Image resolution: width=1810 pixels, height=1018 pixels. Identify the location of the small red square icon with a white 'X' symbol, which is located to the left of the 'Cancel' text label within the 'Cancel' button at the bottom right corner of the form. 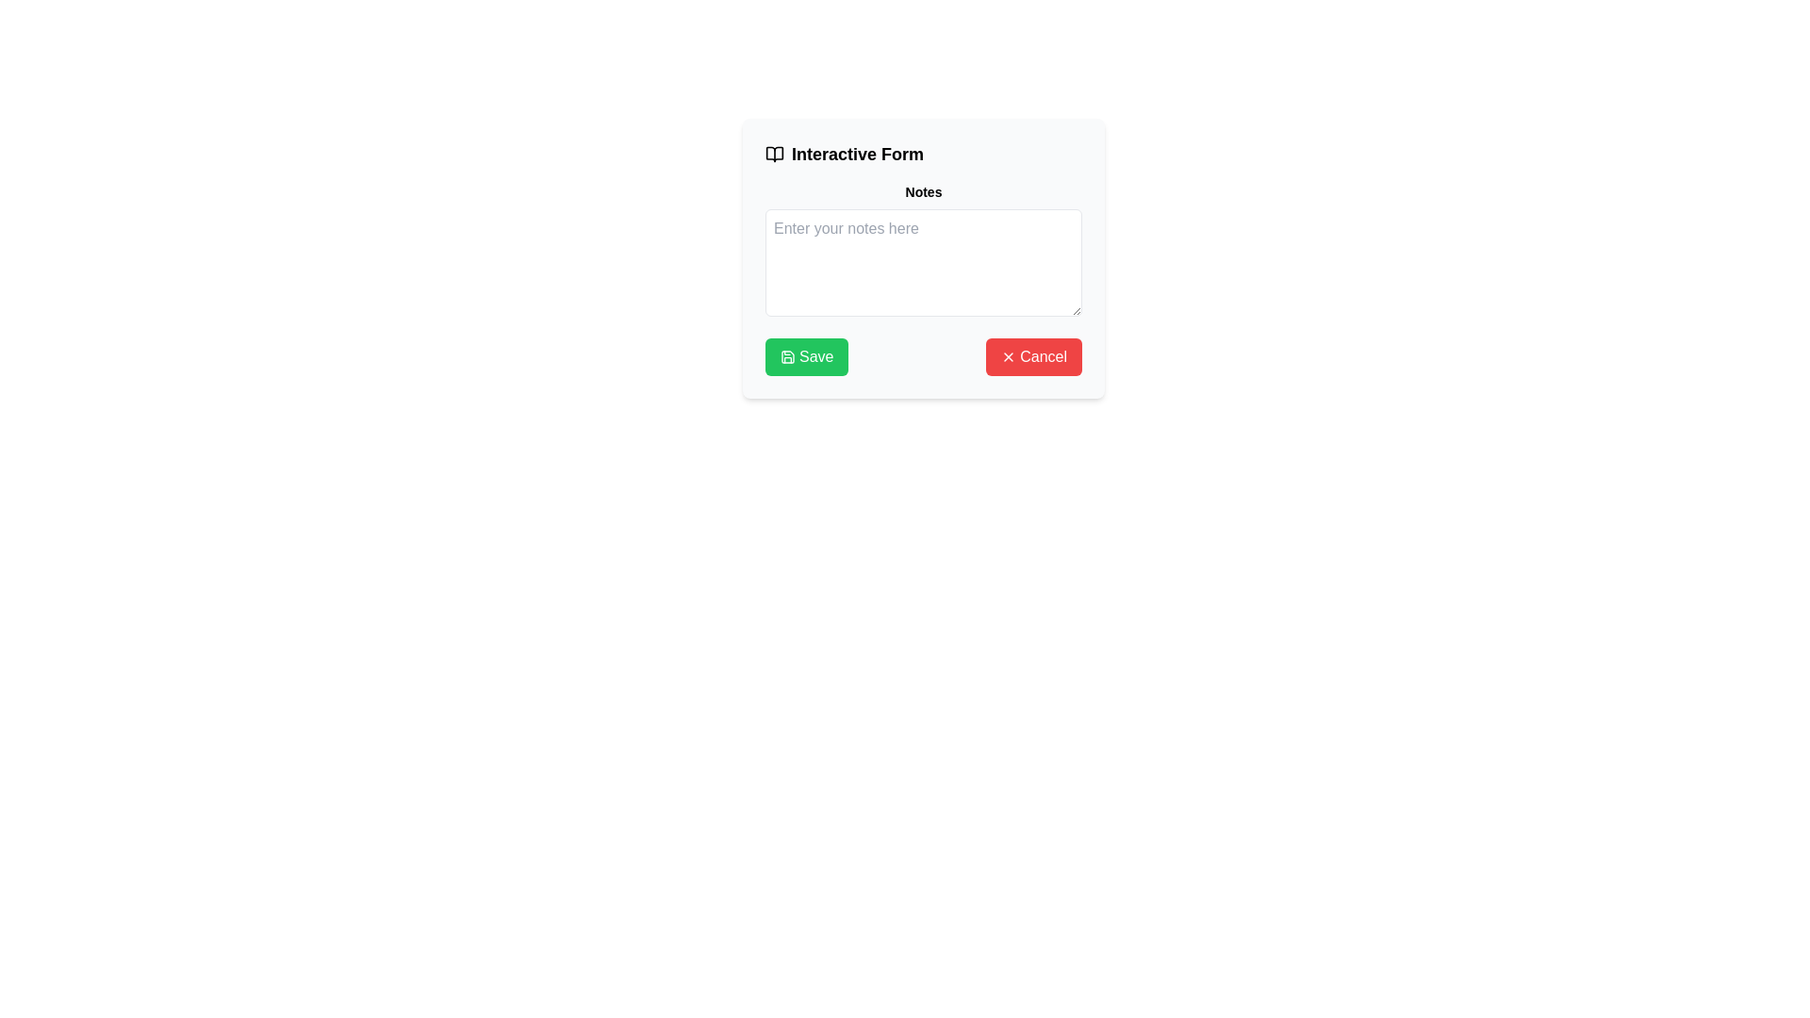
(1008, 356).